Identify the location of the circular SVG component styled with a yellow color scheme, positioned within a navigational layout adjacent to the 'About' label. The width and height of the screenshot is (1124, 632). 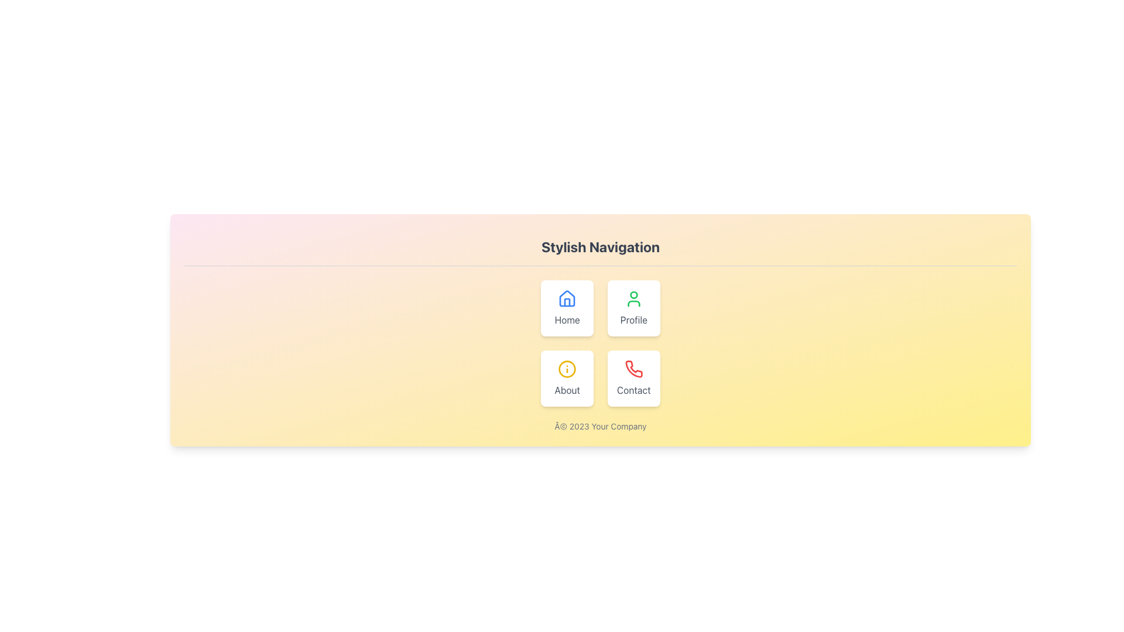
(567, 369).